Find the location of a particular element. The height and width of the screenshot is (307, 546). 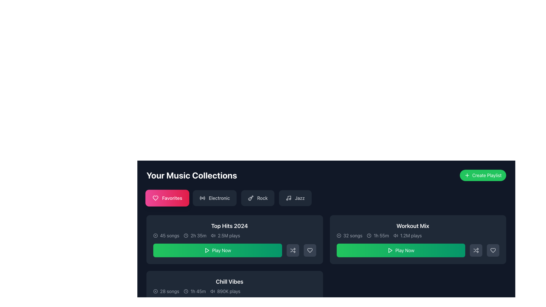

the sound waves icon, which is the first icon in a horizontal collection, indicating volume or audio functionality is located at coordinates (212, 291).